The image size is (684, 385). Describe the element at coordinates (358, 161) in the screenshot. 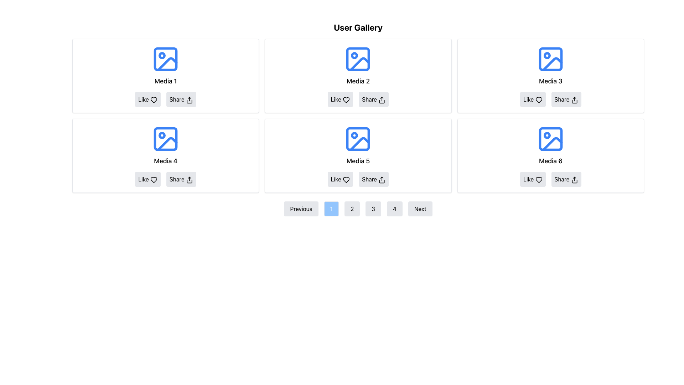

I see `the static text label displaying 'Media 5', which is positioned below an image icon within its bordered card layout in the second row and third column of a 2x3 grid` at that location.